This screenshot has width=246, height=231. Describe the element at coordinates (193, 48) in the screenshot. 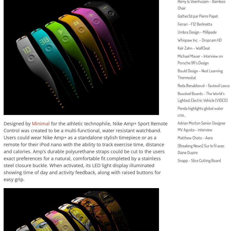

I see `'Kalr Zahn – WallCleat'` at that location.